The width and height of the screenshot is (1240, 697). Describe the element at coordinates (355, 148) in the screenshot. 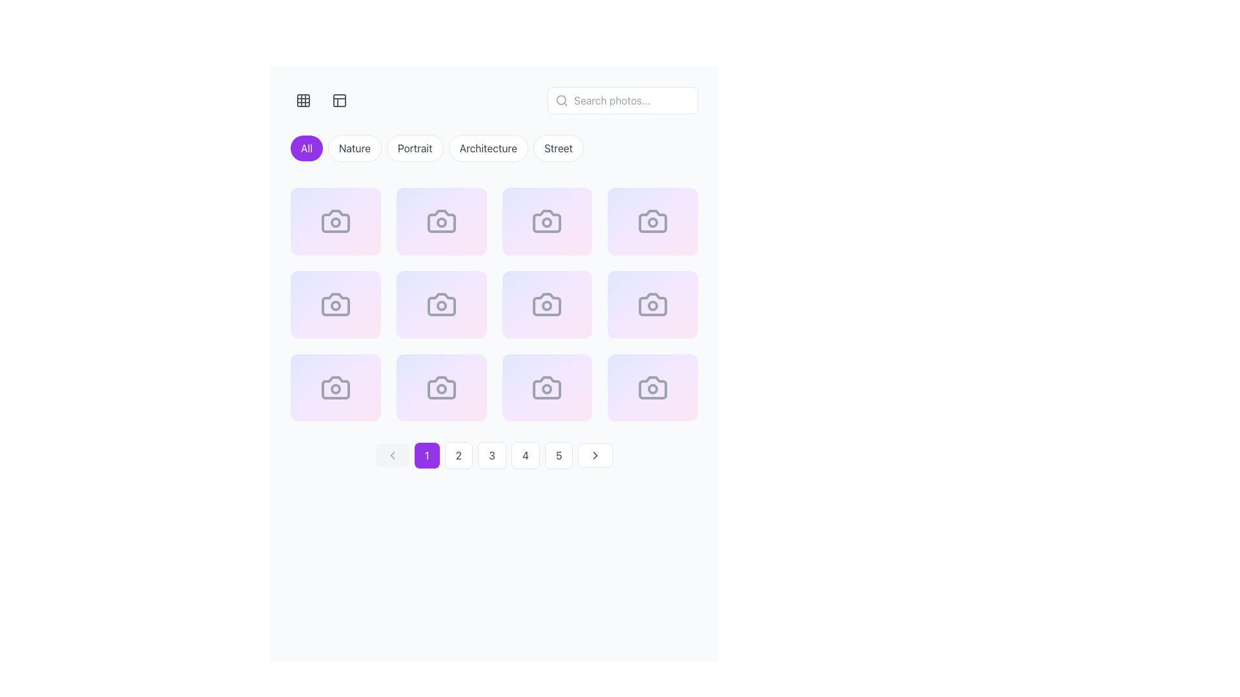

I see `the 'Nature' button, which is a medium-sized pill-shaped button with a white background, gray border, and the word 'Nature' in gray text, located to the immediate right of the 'All' button and left of the 'Portrait' button` at that location.